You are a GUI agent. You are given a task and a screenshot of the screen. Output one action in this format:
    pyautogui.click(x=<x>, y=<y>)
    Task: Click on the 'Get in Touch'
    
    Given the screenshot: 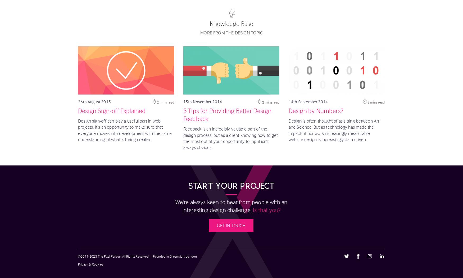 What is the action you would take?
    pyautogui.click(x=231, y=225)
    